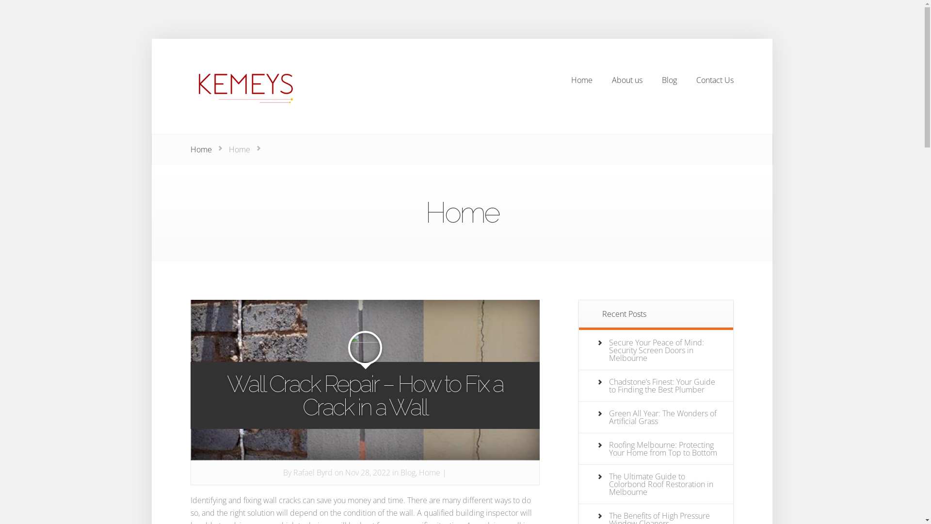 This screenshot has height=524, width=931. I want to click on 'Roofing Melbourne: Protecting Your Home from Top to Bottom', so click(662, 449).